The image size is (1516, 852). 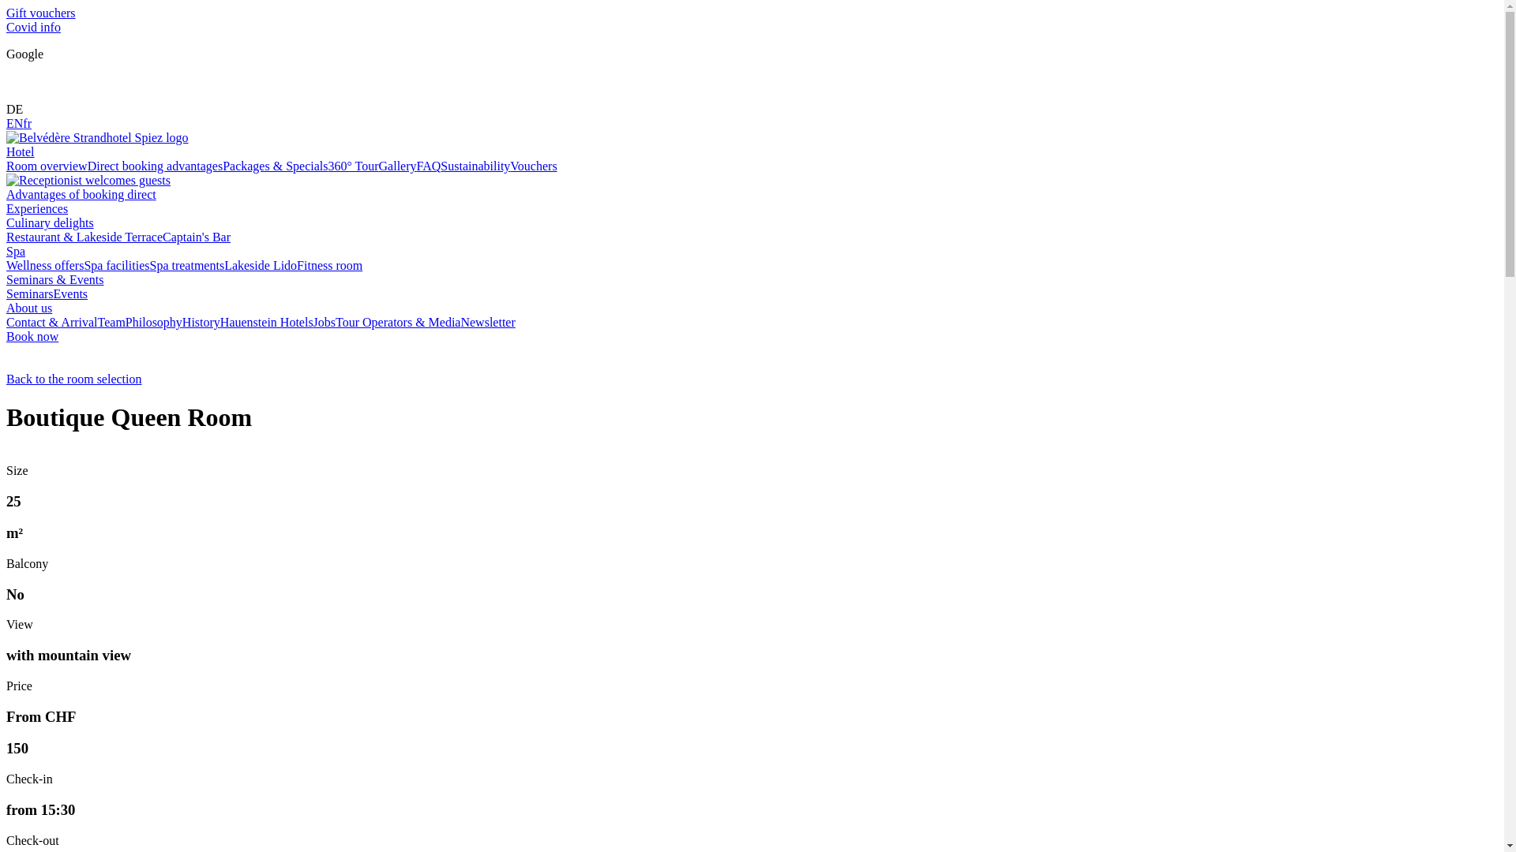 What do you see at coordinates (275, 166) in the screenshot?
I see `'Packages & Specials'` at bounding box center [275, 166].